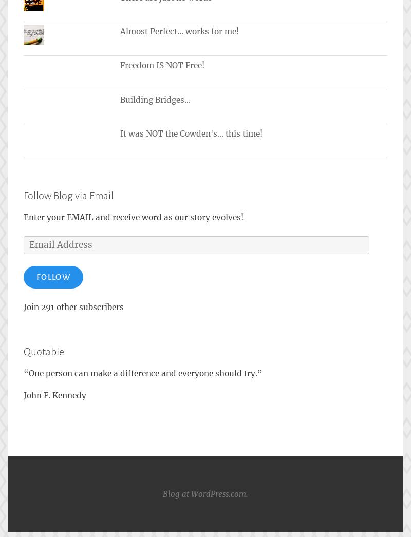  I want to click on 'Blog at WordPress.com.', so click(206, 493).